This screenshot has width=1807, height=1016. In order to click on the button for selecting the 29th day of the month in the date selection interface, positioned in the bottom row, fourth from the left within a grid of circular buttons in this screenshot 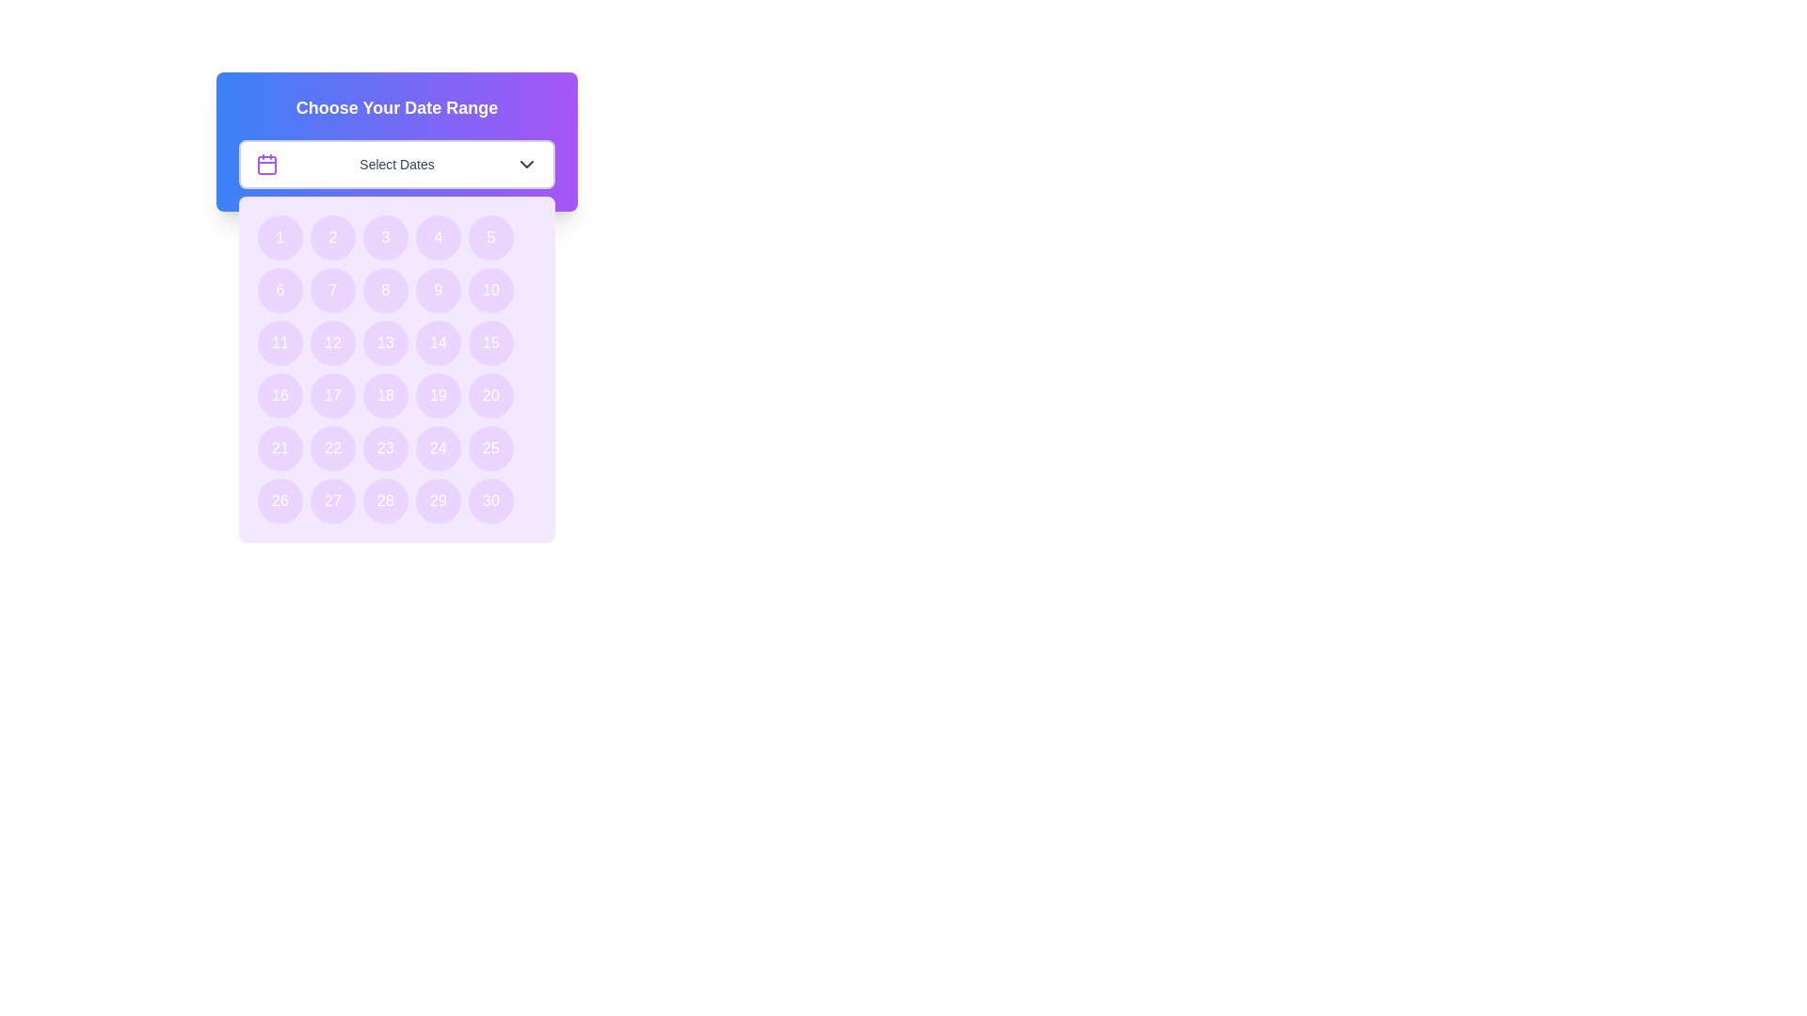, I will do `click(437, 500)`.